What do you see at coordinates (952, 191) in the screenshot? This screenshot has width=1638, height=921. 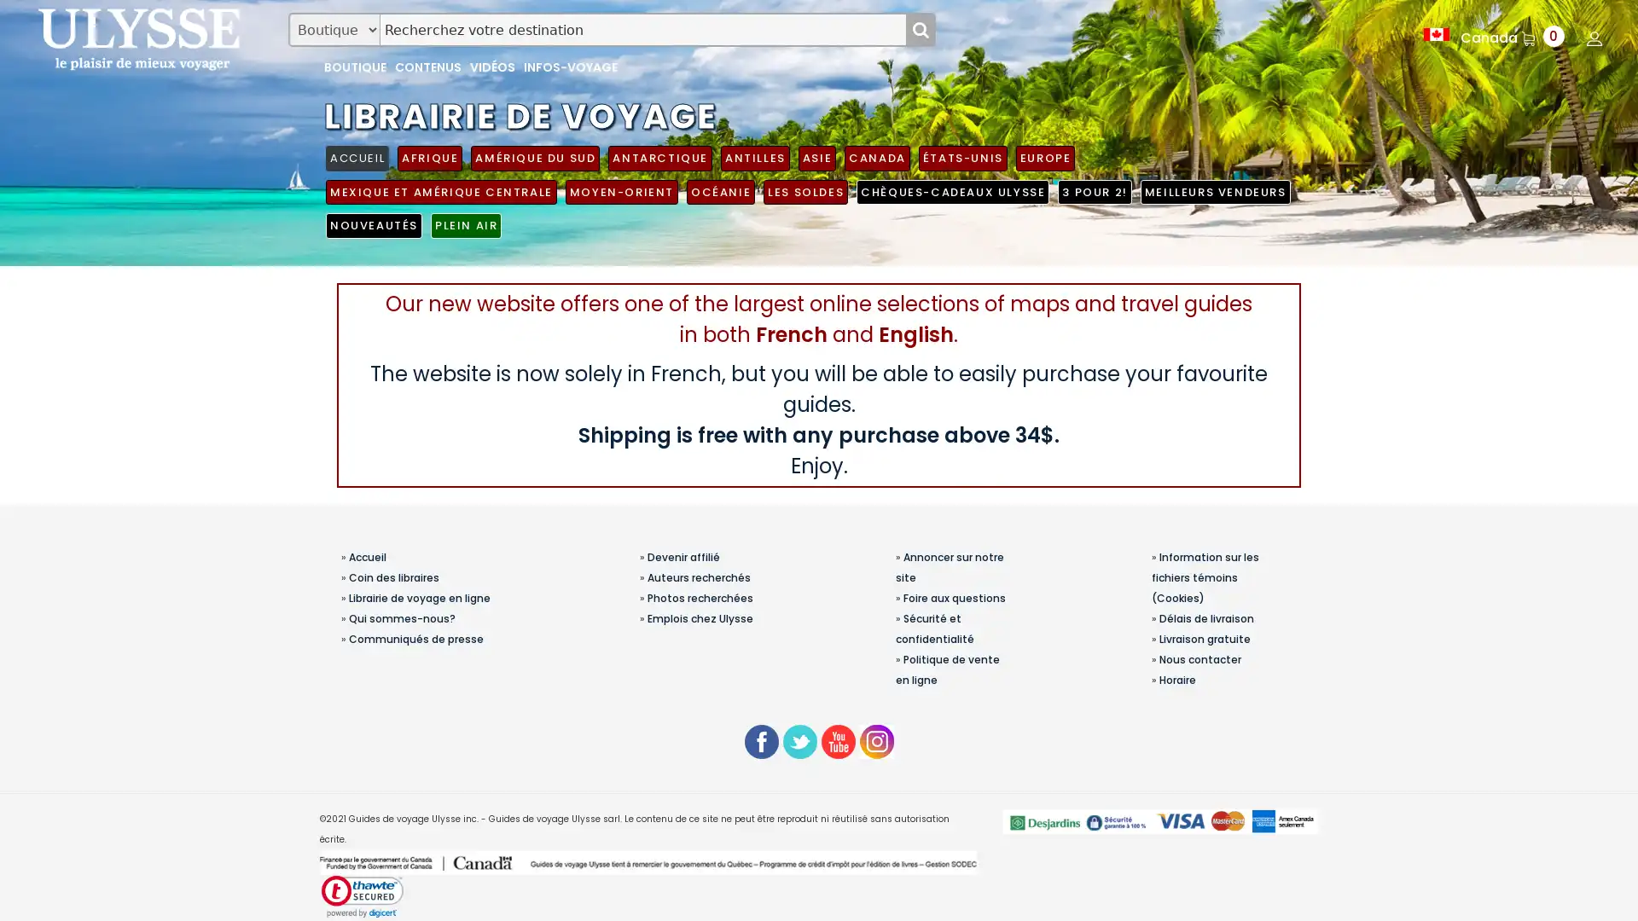 I see `CHEQUES-CADEAUX ULYSSE` at bounding box center [952, 191].